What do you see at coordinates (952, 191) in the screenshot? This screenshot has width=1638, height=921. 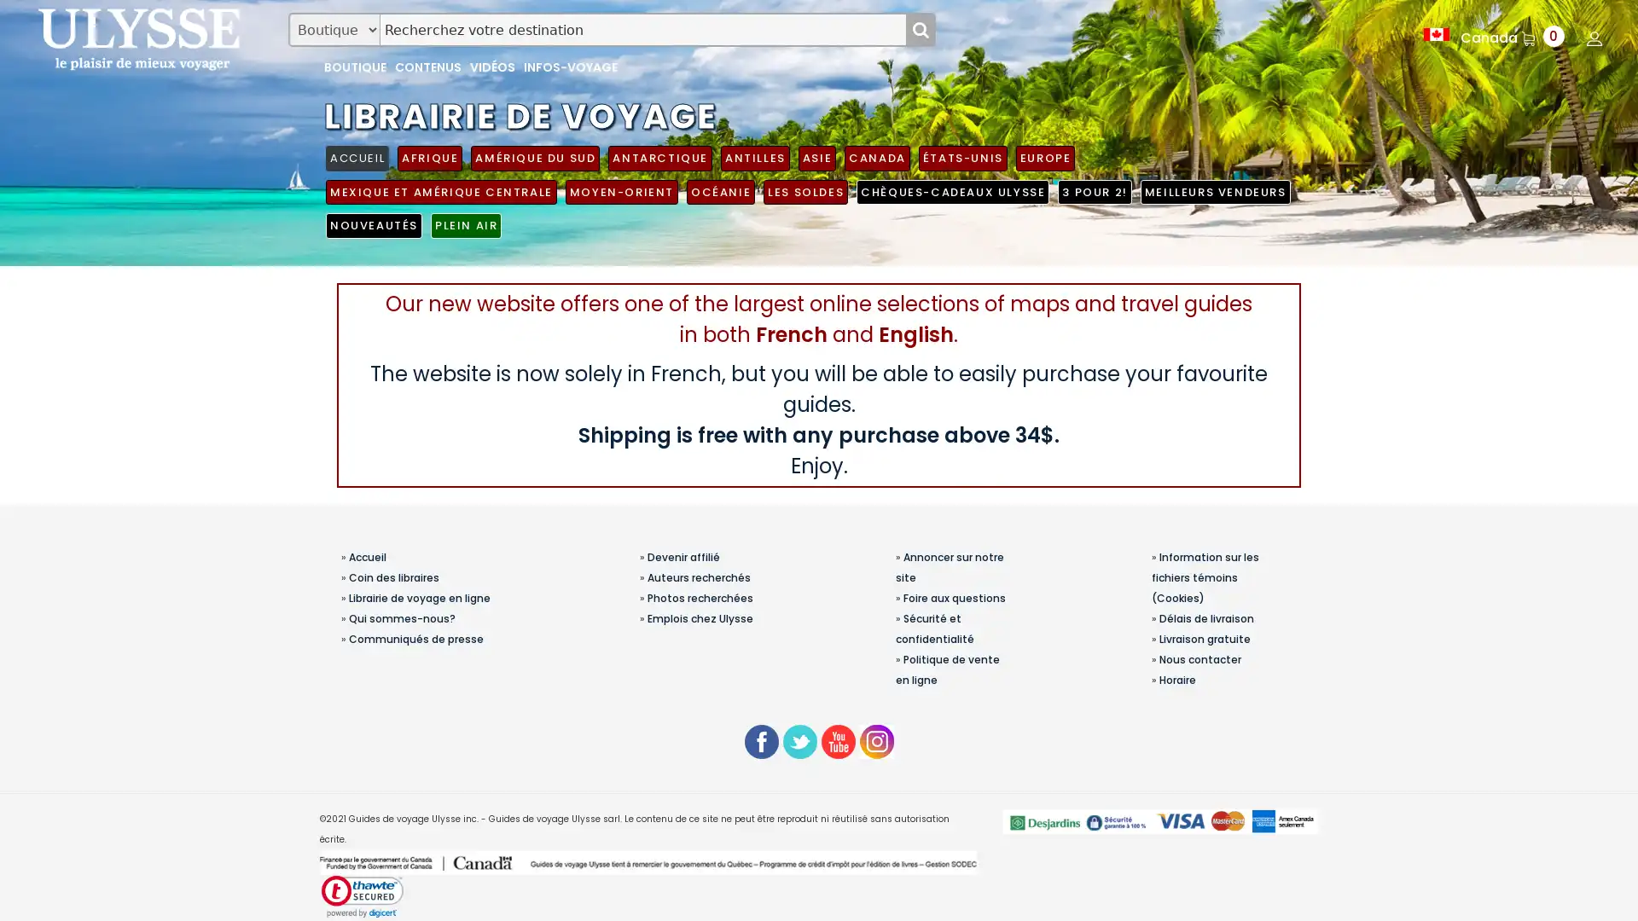 I see `CHEQUES-CADEAUX ULYSSE` at bounding box center [952, 191].